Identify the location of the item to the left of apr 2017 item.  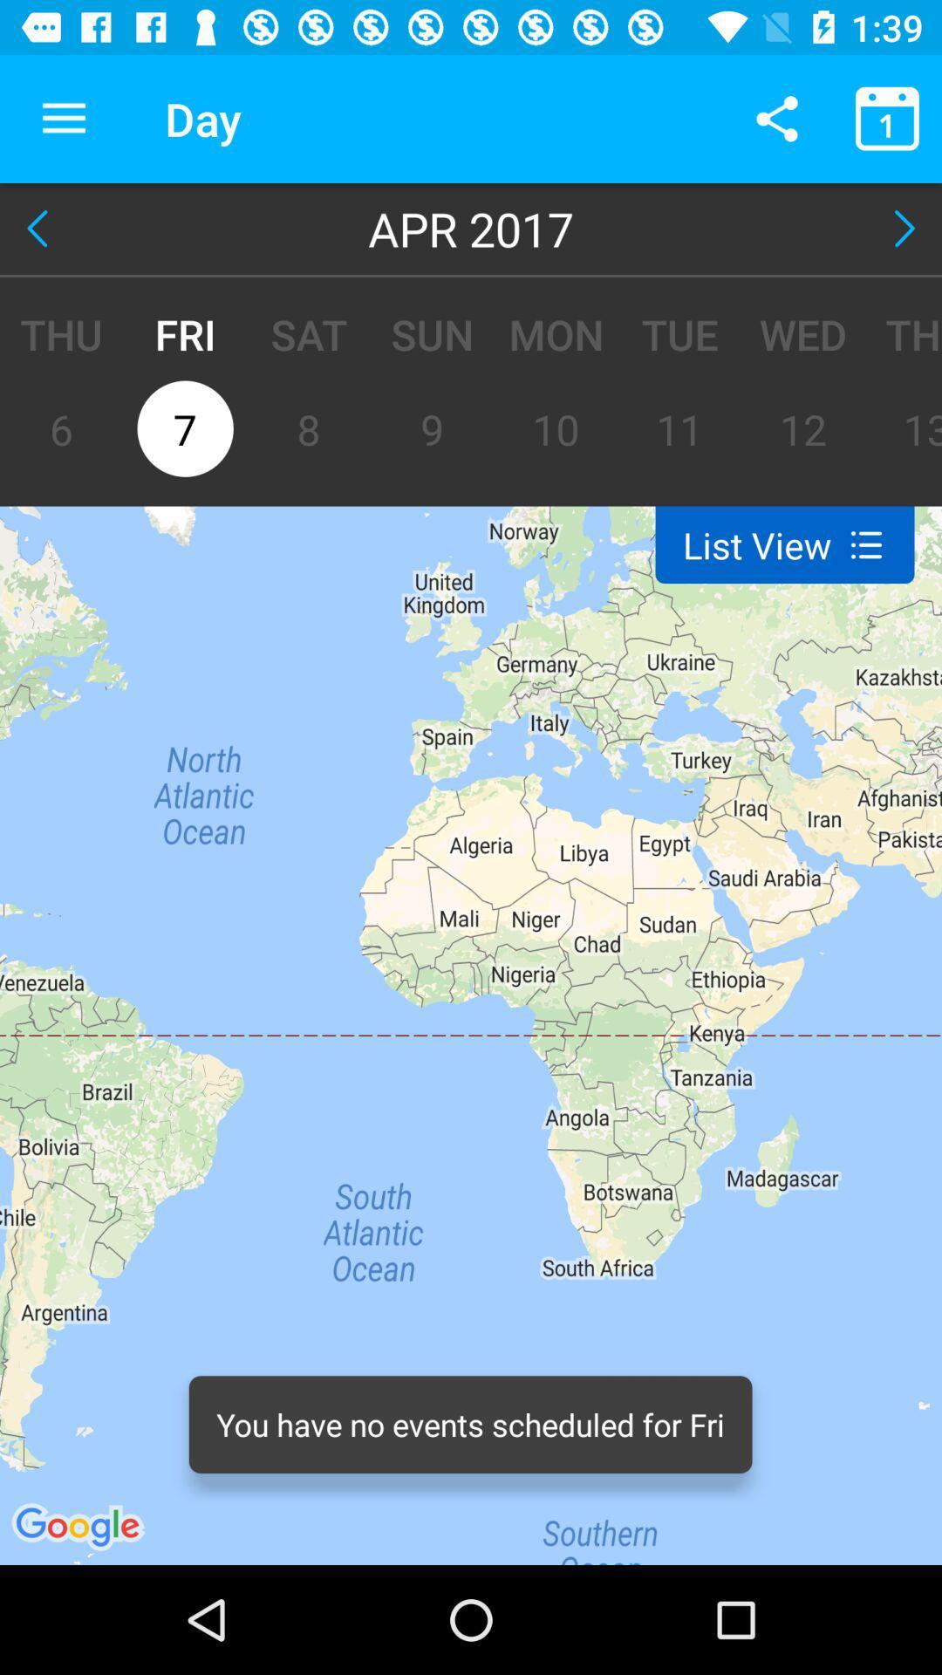
(40, 228).